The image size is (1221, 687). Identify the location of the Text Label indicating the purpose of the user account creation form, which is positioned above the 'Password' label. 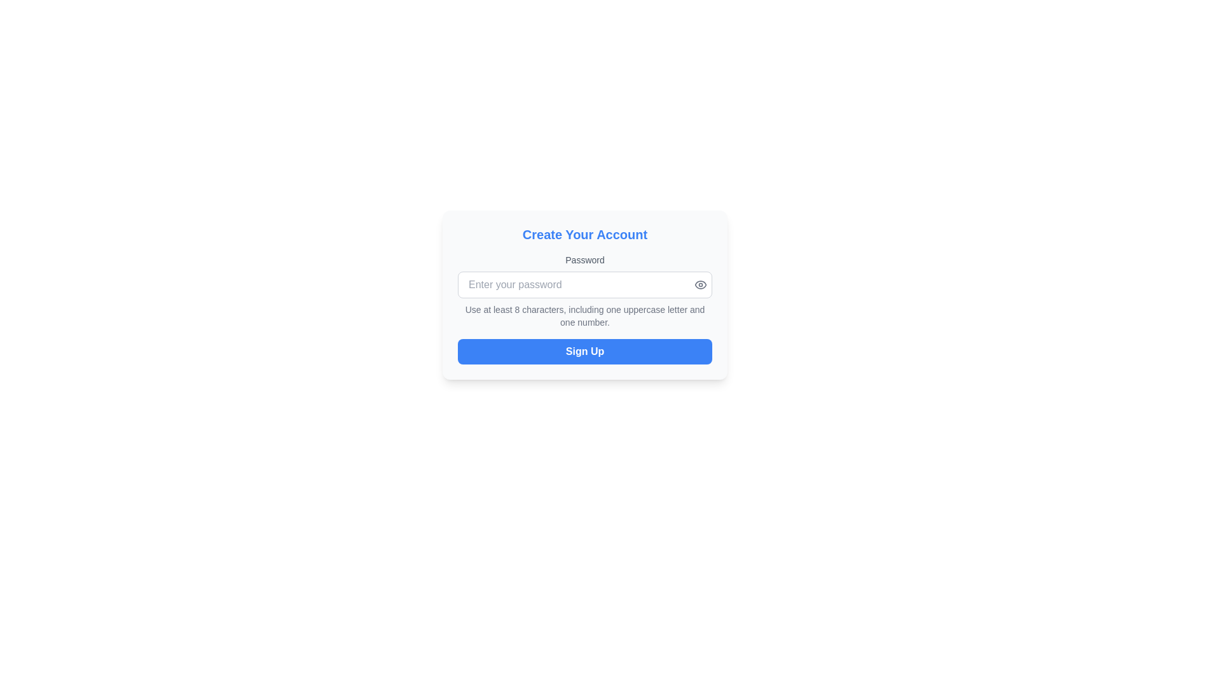
(584, 235).